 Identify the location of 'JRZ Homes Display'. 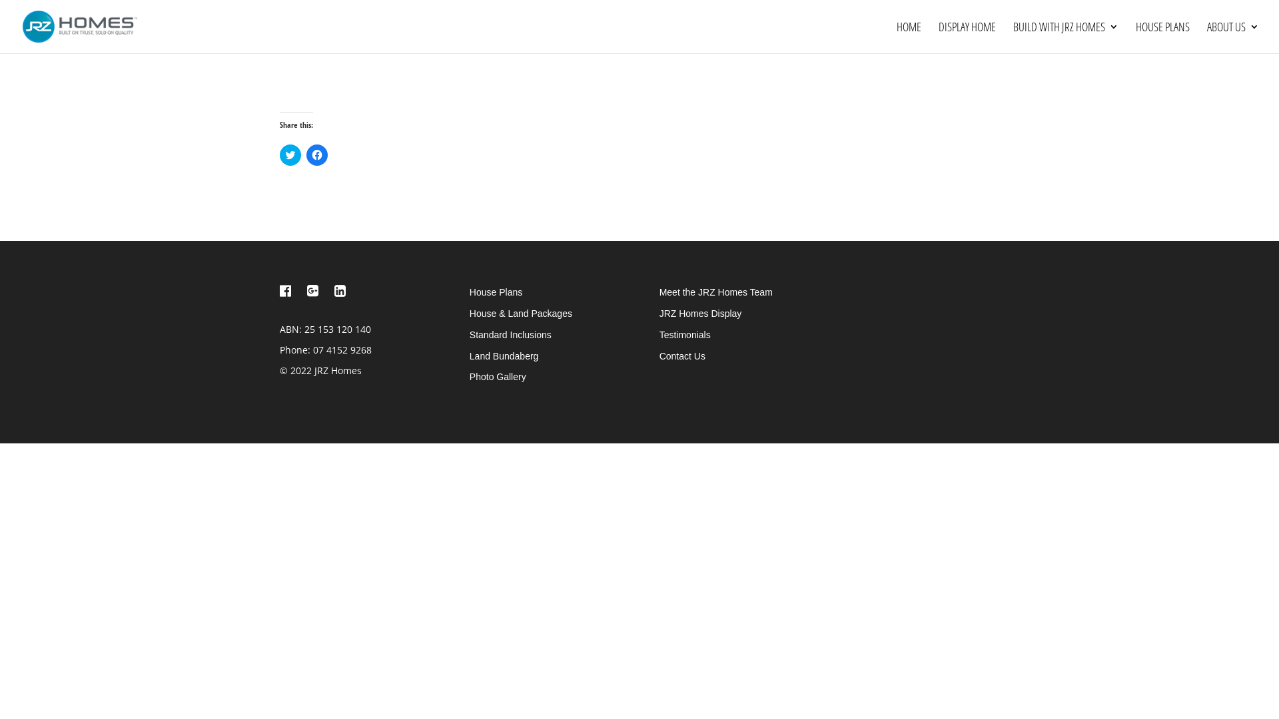
(699, 313).